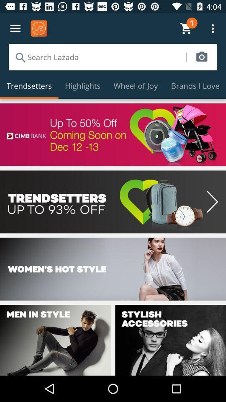  I want to click on advertisement for cimb bank, so click(113, 134).